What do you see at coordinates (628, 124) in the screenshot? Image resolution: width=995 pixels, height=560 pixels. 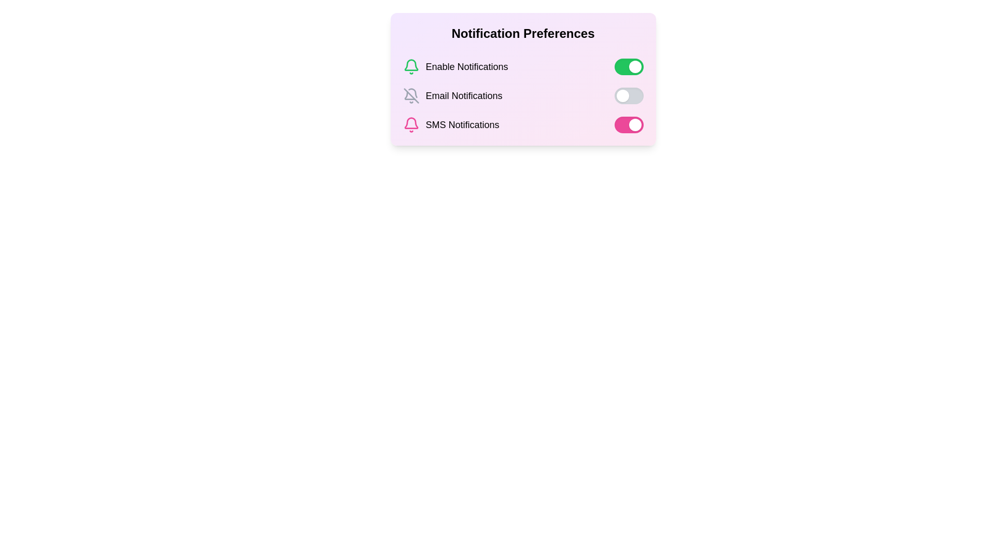 I see `on the toggle switch for SMS Notifications located at the right end of the SMS Notifications row` at bounding box center [628, 124].